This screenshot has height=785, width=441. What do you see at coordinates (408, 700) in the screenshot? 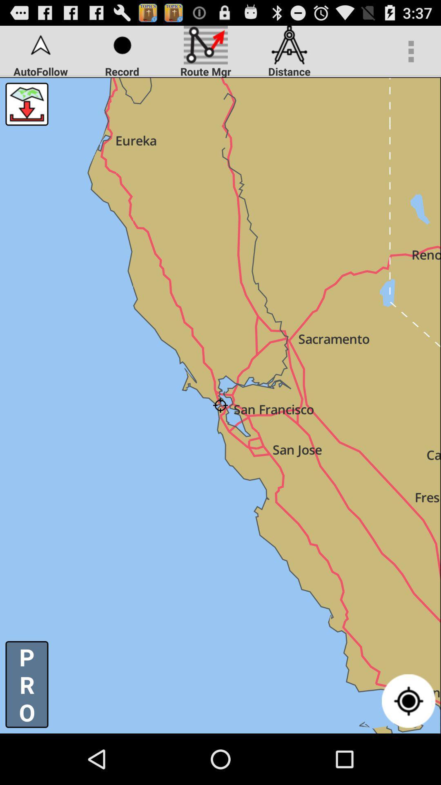
I see `center the map` at bounding box center [408, 700].